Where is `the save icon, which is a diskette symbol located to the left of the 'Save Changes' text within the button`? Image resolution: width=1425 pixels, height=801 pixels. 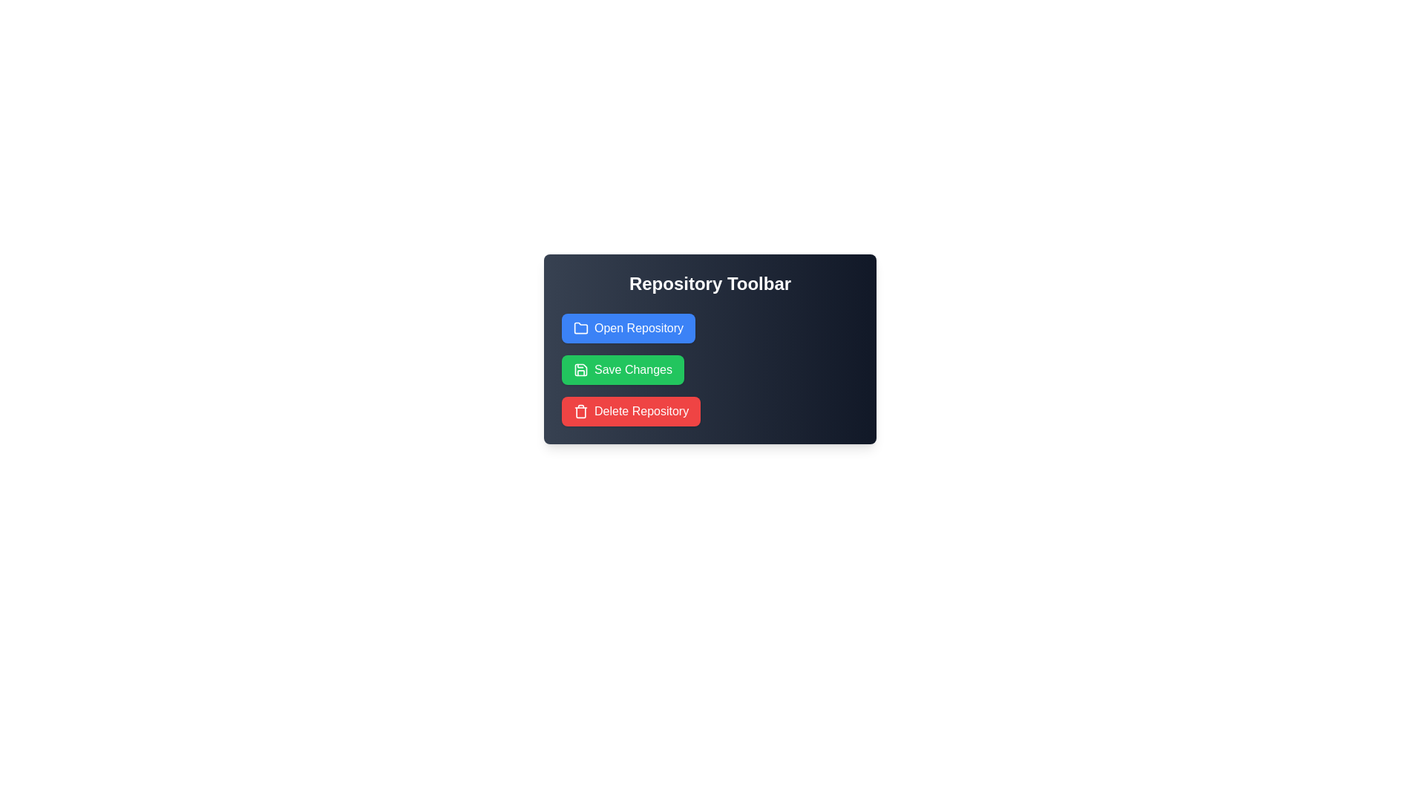
the save icon, which is a diskette symbol located to the left of the 'Save Changes' text within the button is located at coordinates (580, 369).